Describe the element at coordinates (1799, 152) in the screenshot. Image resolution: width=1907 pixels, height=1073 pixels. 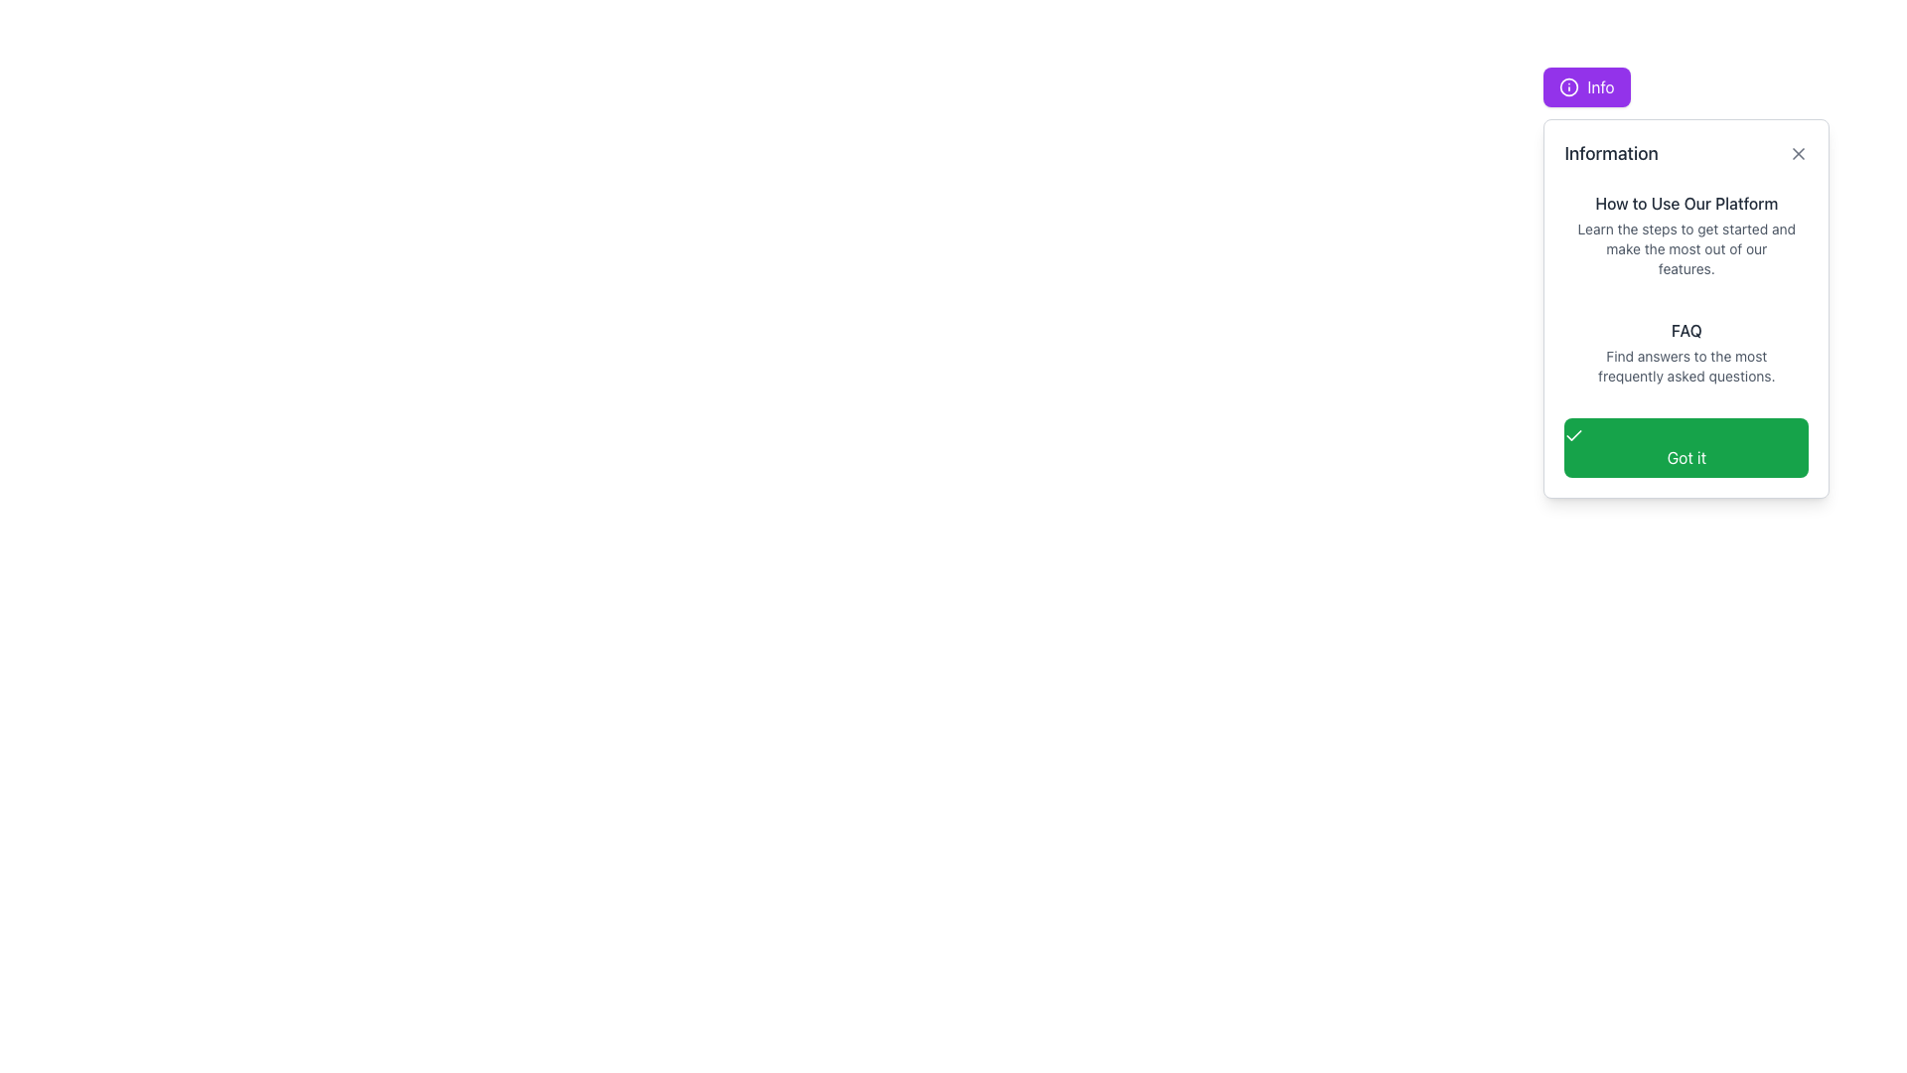
I see `the small X-shaped icon in the top-right corner of the 'Information' popup` at that location.